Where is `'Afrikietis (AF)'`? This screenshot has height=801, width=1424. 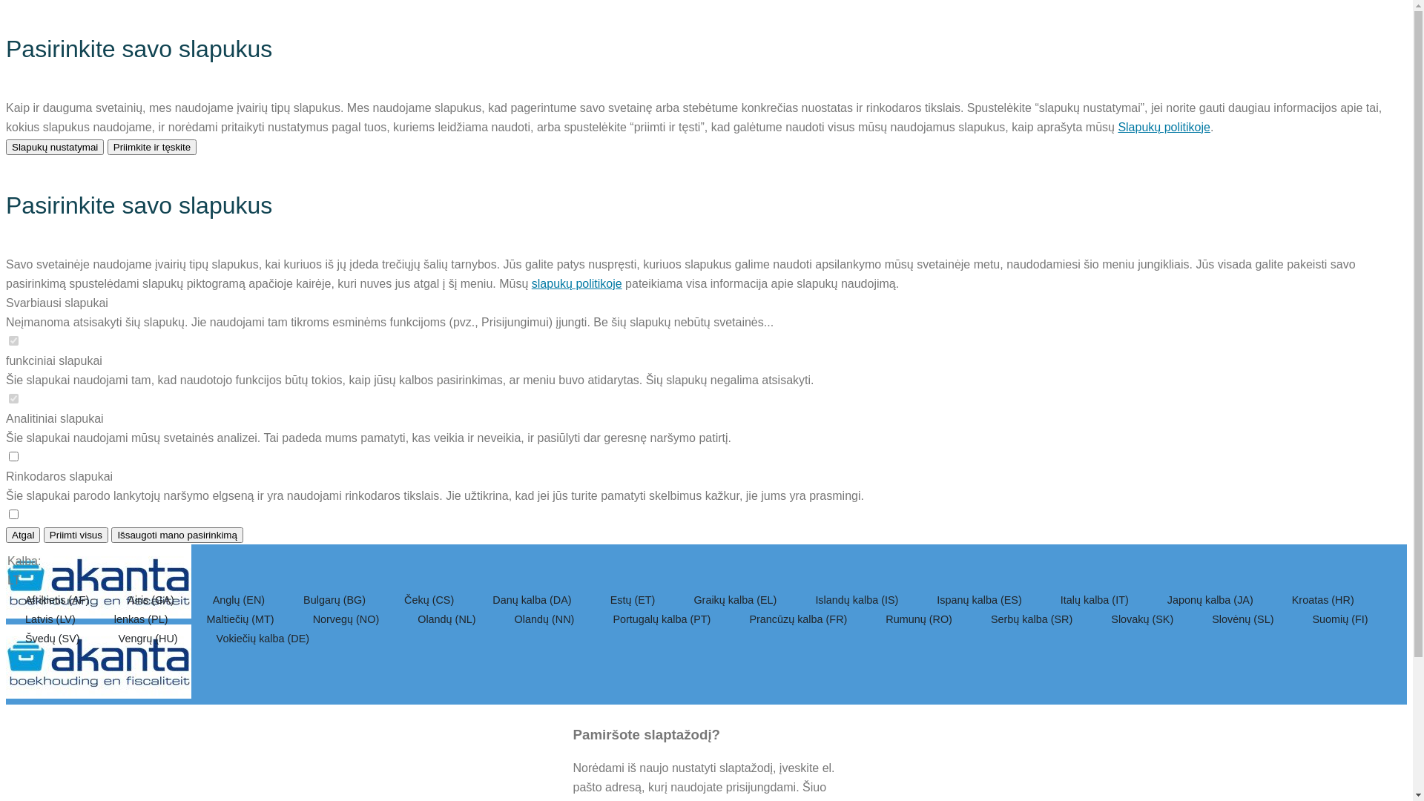
'Afrikietis (AF)' is located at coordinates (58, 599).